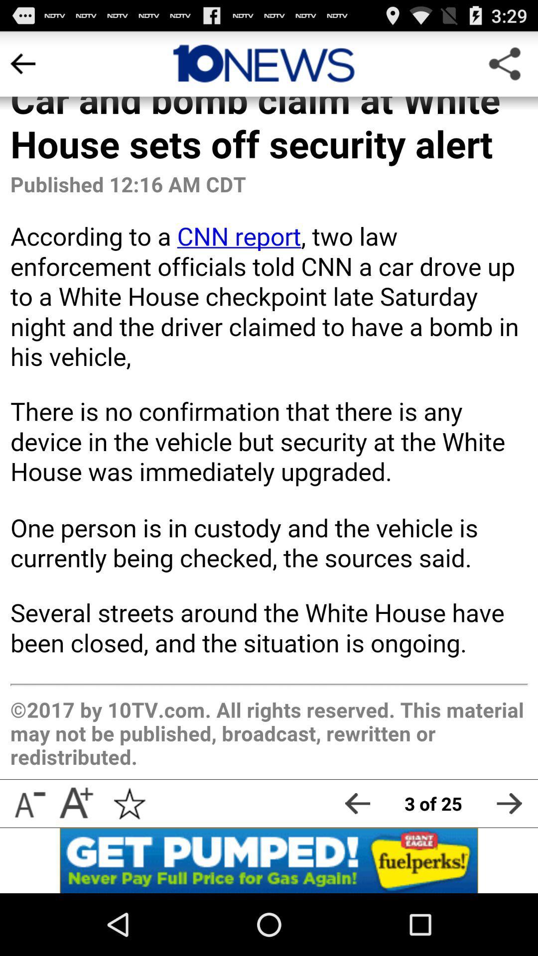  I want to click on open advertisement, so click(269, 860).